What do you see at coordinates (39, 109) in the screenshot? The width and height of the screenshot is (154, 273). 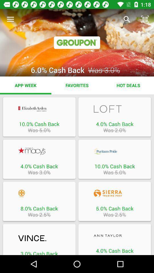 I see `elizabeth arden option` at bounding box center [39, 109].